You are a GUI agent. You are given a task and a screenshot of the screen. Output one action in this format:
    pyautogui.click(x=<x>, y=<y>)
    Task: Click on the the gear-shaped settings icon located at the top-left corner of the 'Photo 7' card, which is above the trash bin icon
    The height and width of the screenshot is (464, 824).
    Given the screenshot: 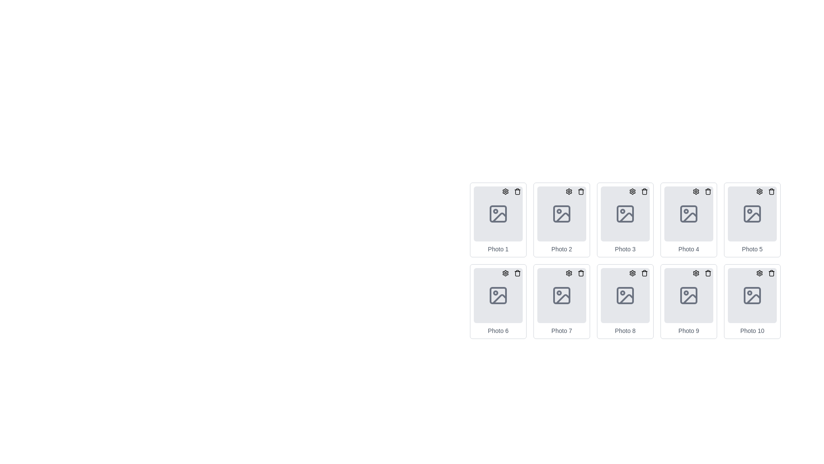 What is the action you would take?
    pyautogui.click(x=569, y=273)
    